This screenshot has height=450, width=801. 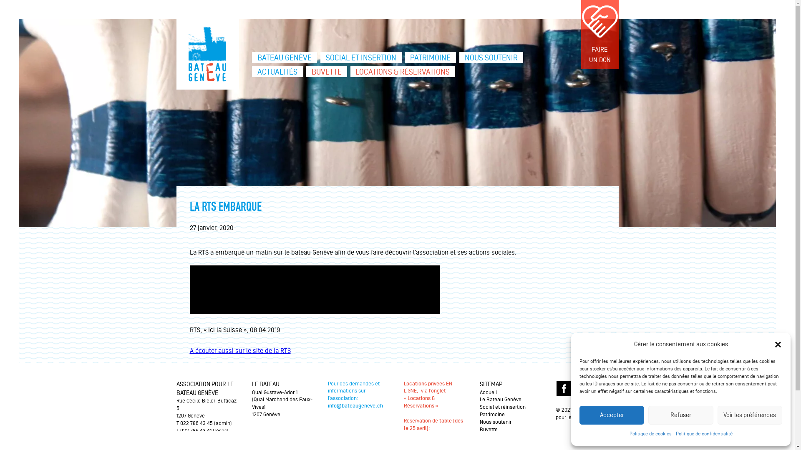 What do you see at coordinates (488, 392) in the screenshot?
I see `'Accueil'` at bounding box center [488, 392].